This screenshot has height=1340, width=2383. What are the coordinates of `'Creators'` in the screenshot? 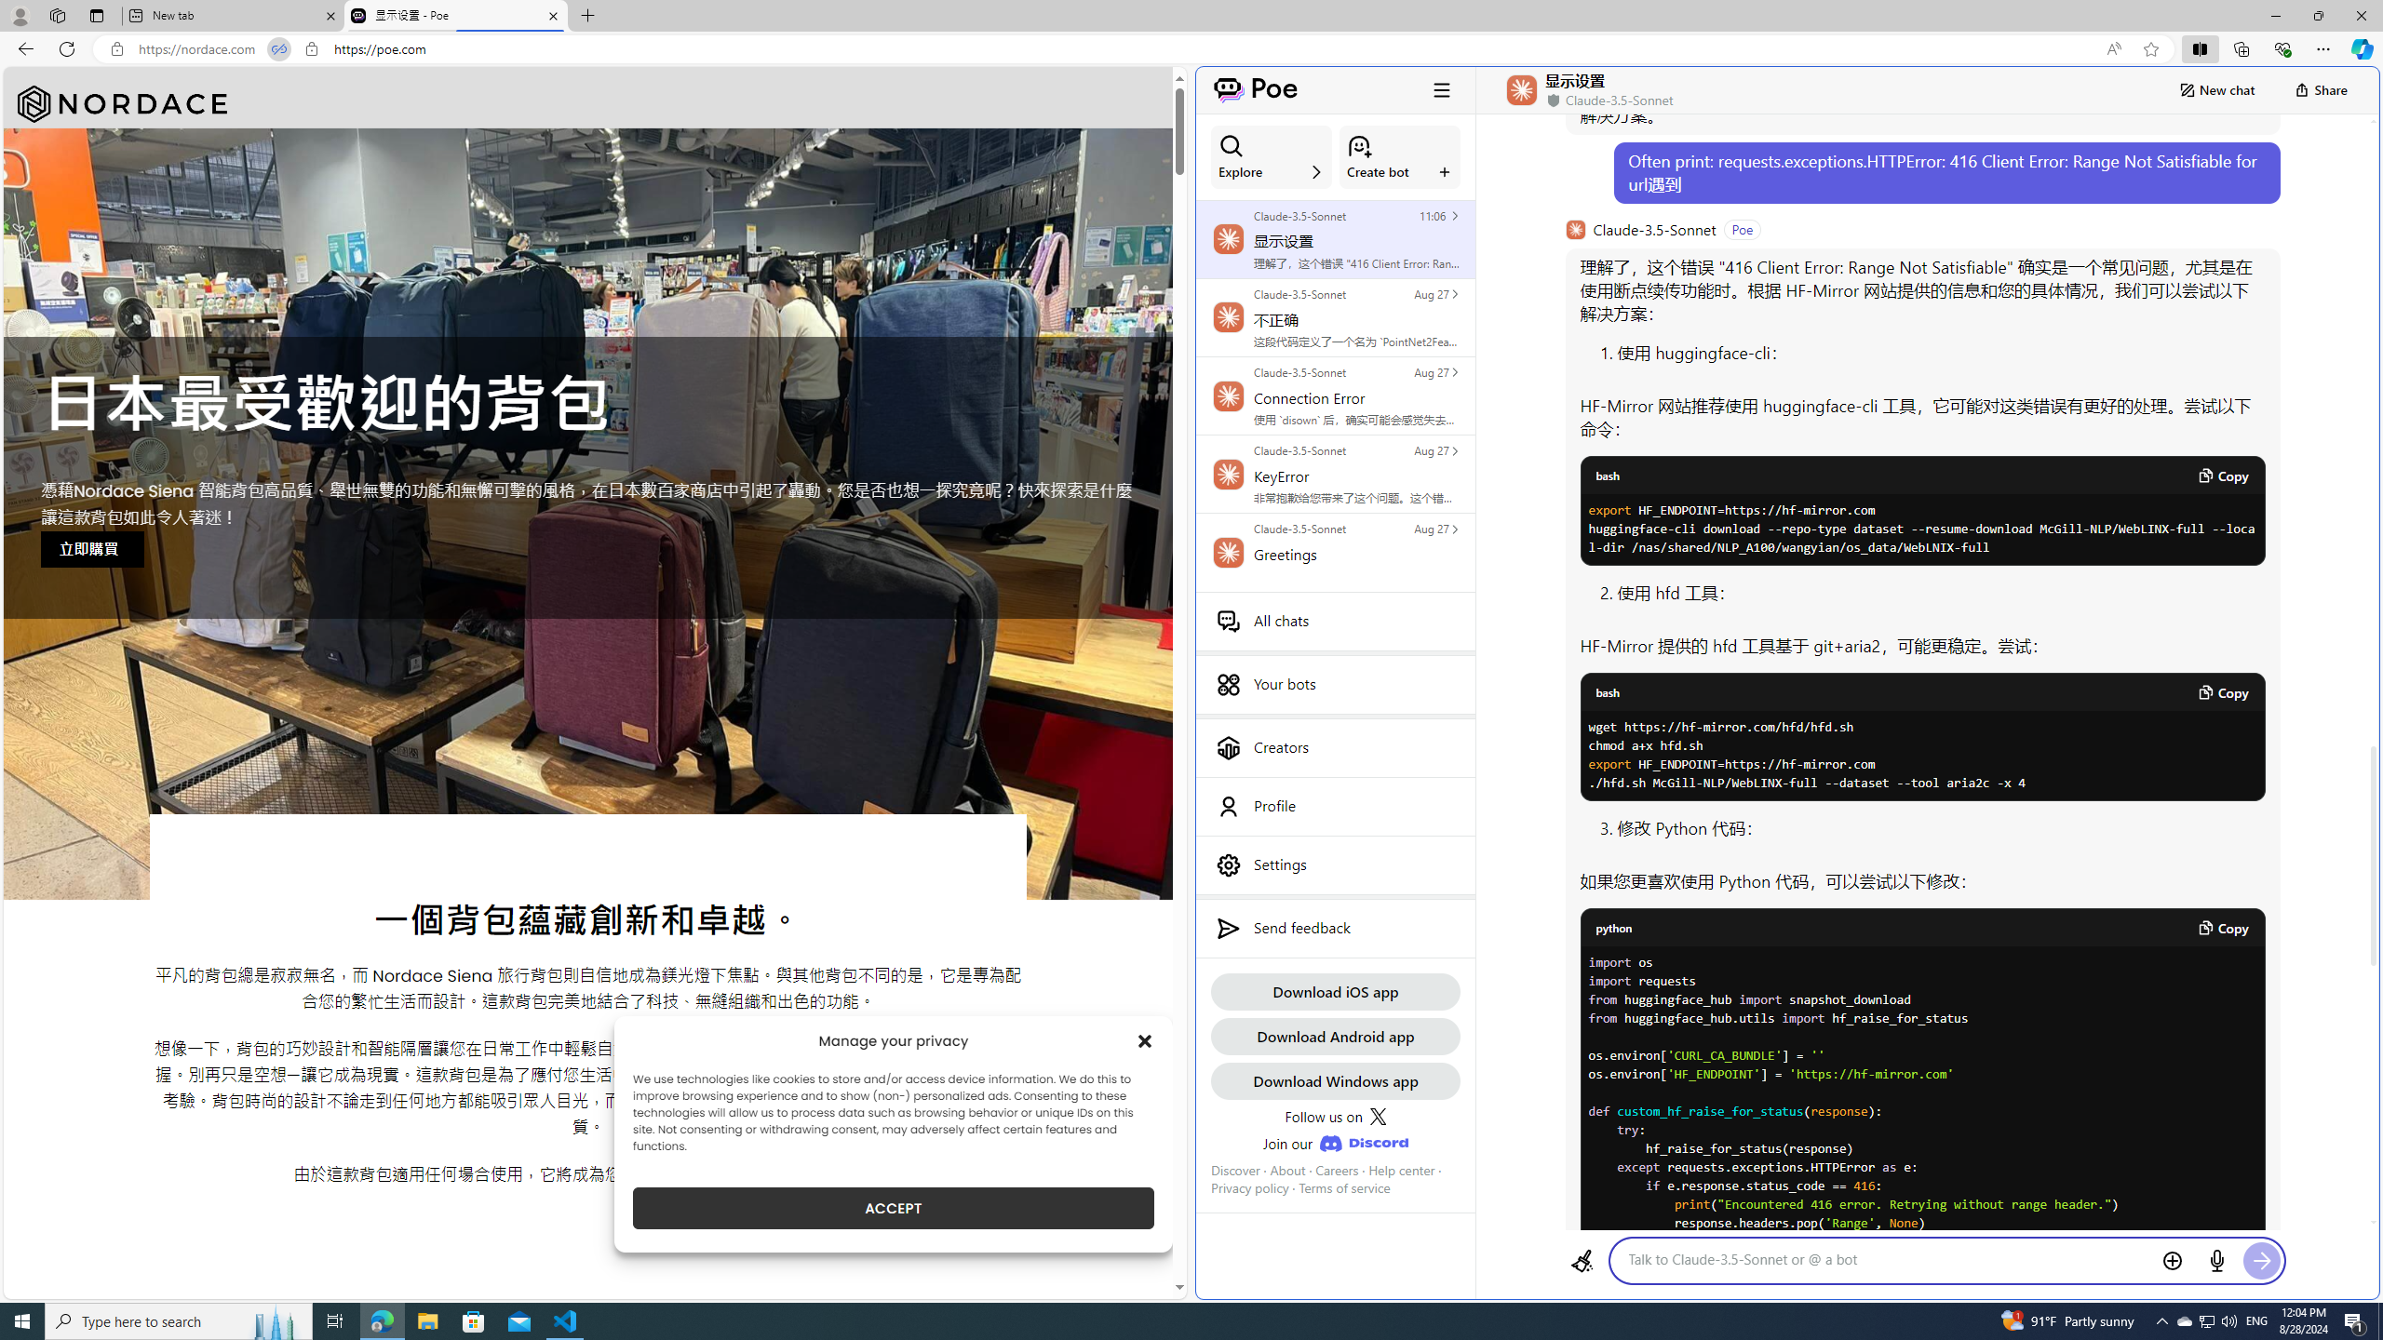 It's located at (1335, 747).